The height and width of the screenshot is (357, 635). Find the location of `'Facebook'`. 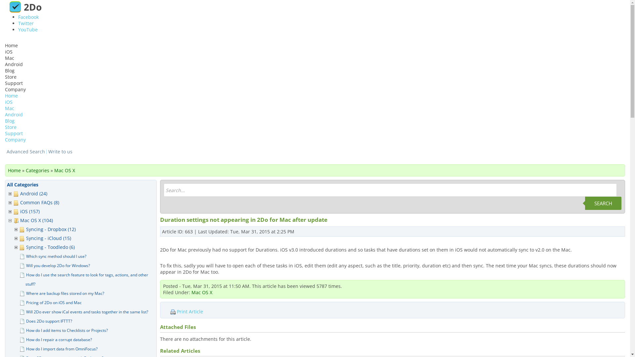

'Facebook' is located at coordinates (28, 17).